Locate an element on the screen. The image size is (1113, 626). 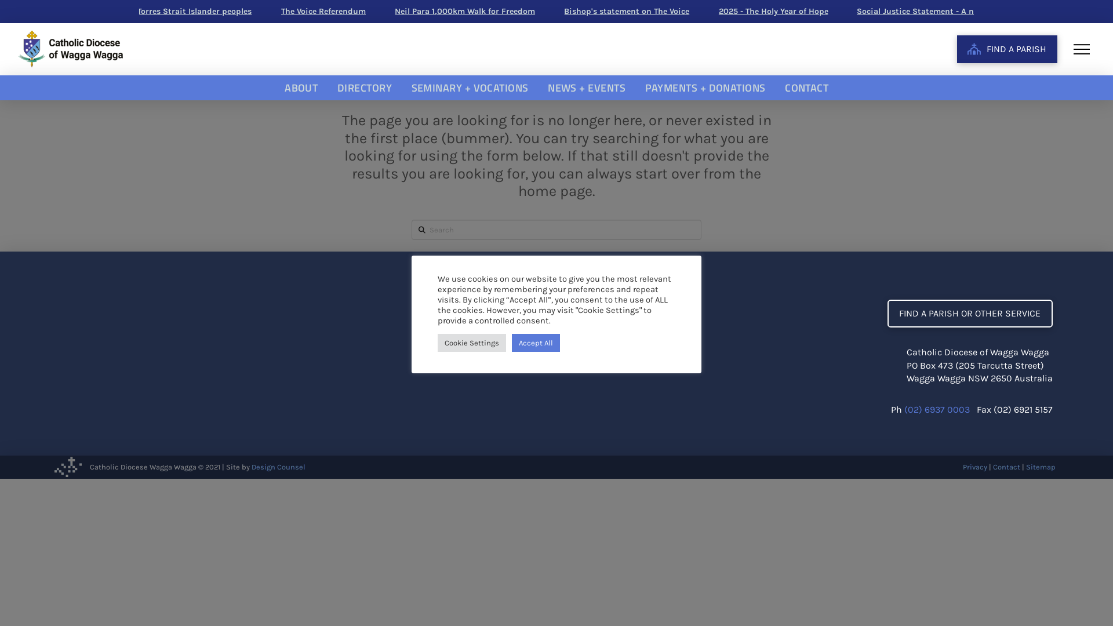
'ABOUT' is located at coordinates (274, 87).